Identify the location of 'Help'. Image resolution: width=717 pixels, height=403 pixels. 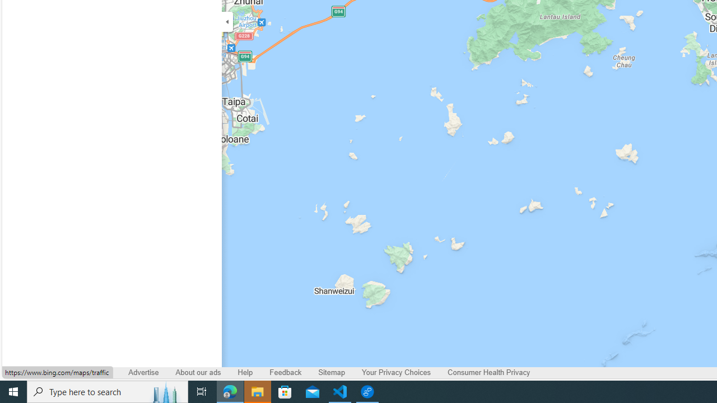
(244, 372).